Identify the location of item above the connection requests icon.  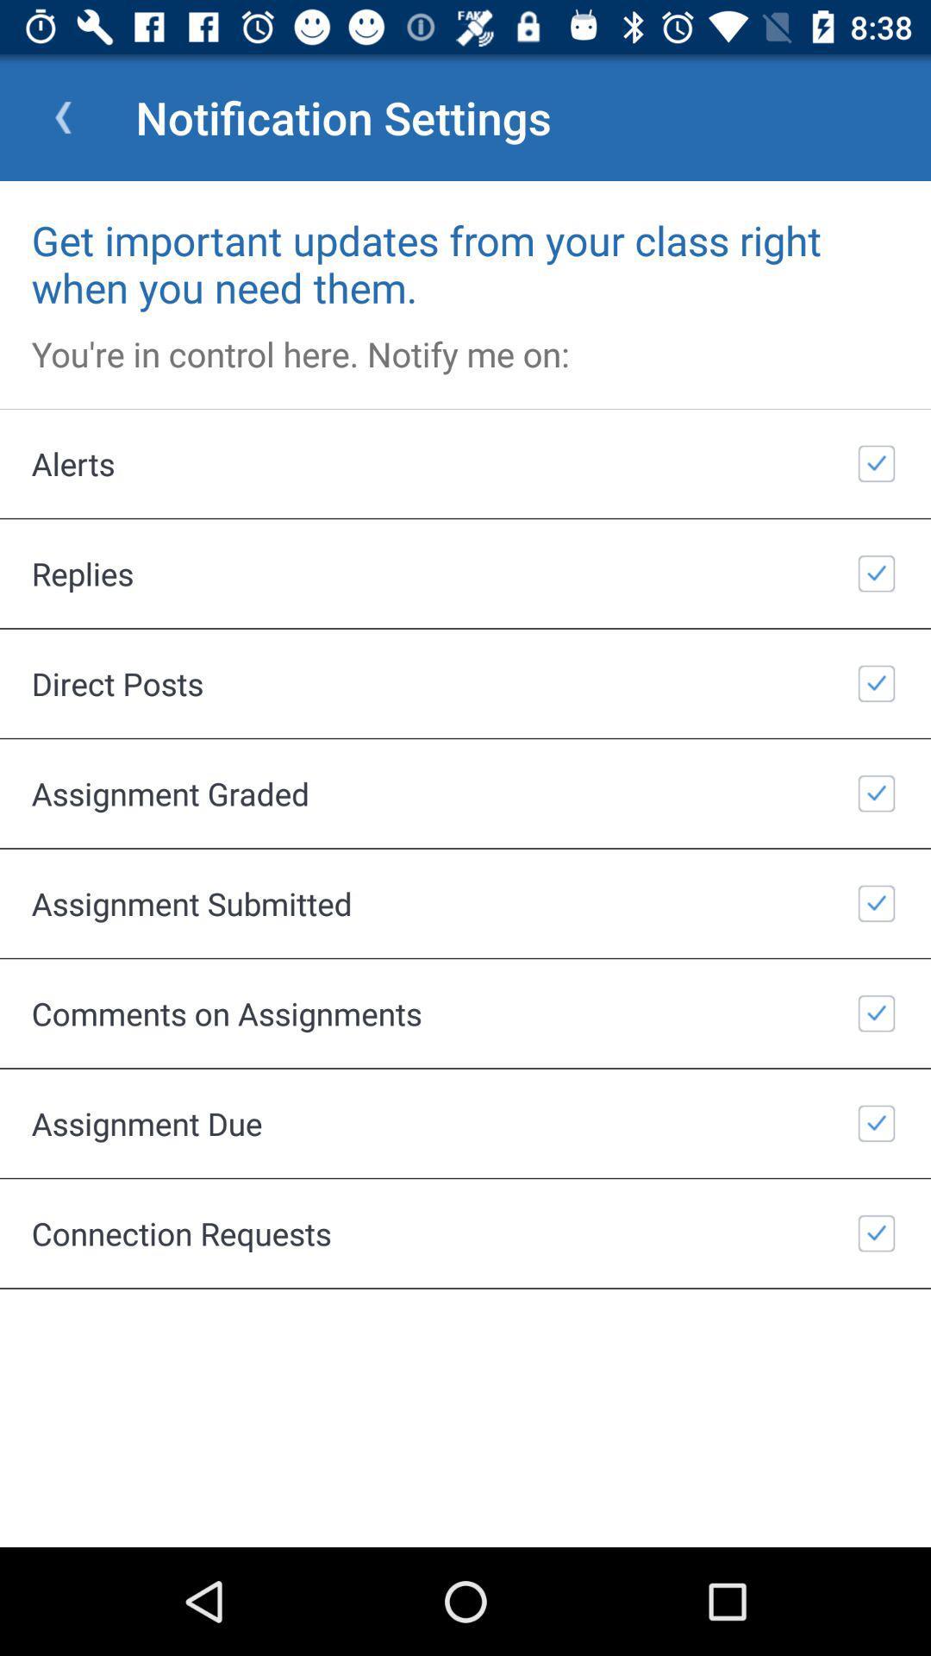
(465, 1123).